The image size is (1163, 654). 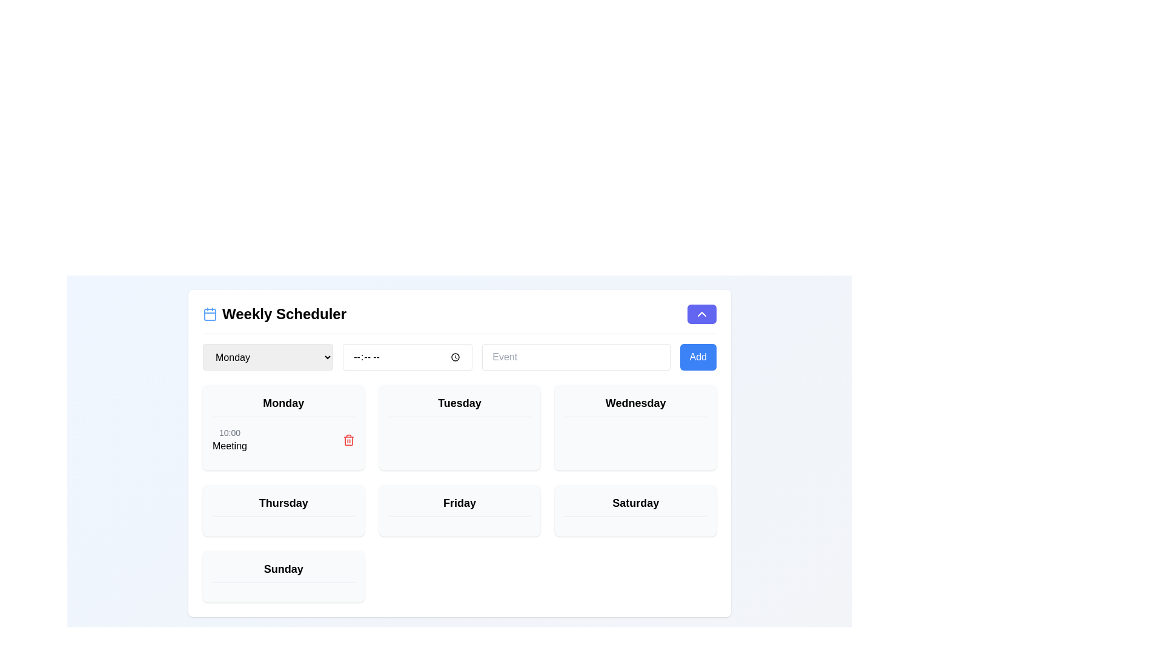 What do you see at coordinates (283, 506) in the screenshot?
I see `the 'Thursday' text label in the weekly schedule interface, which is located in the third row and second column of the grid layout` at bounding box center [283, 506].